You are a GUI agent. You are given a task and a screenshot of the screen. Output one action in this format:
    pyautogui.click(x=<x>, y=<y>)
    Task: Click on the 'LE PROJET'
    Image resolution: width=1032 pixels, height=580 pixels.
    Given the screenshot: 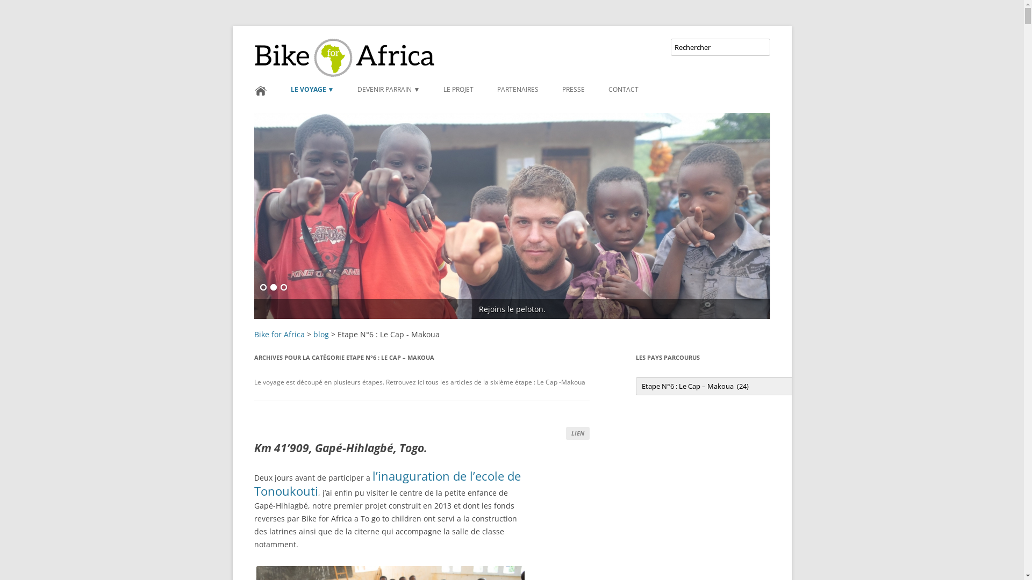 What is the action you would take?
    pyautogui.click(x=443, y=89)
    